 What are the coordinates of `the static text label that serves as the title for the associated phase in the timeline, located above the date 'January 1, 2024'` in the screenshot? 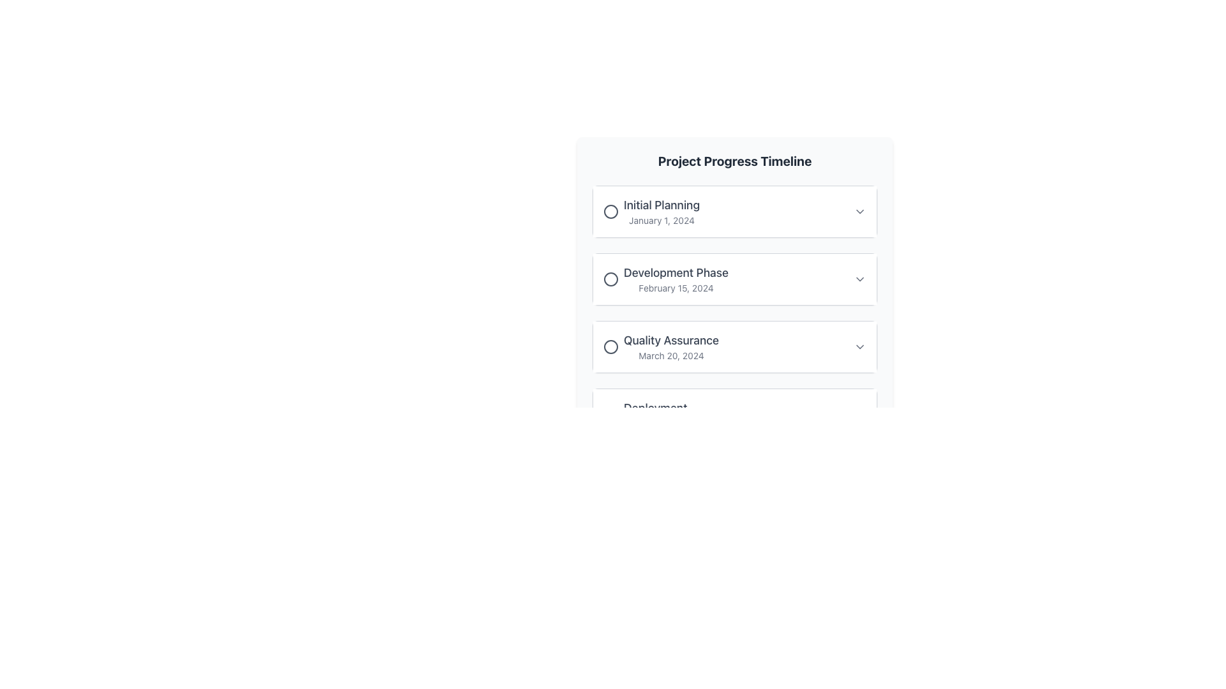 It's located at (662, 204).